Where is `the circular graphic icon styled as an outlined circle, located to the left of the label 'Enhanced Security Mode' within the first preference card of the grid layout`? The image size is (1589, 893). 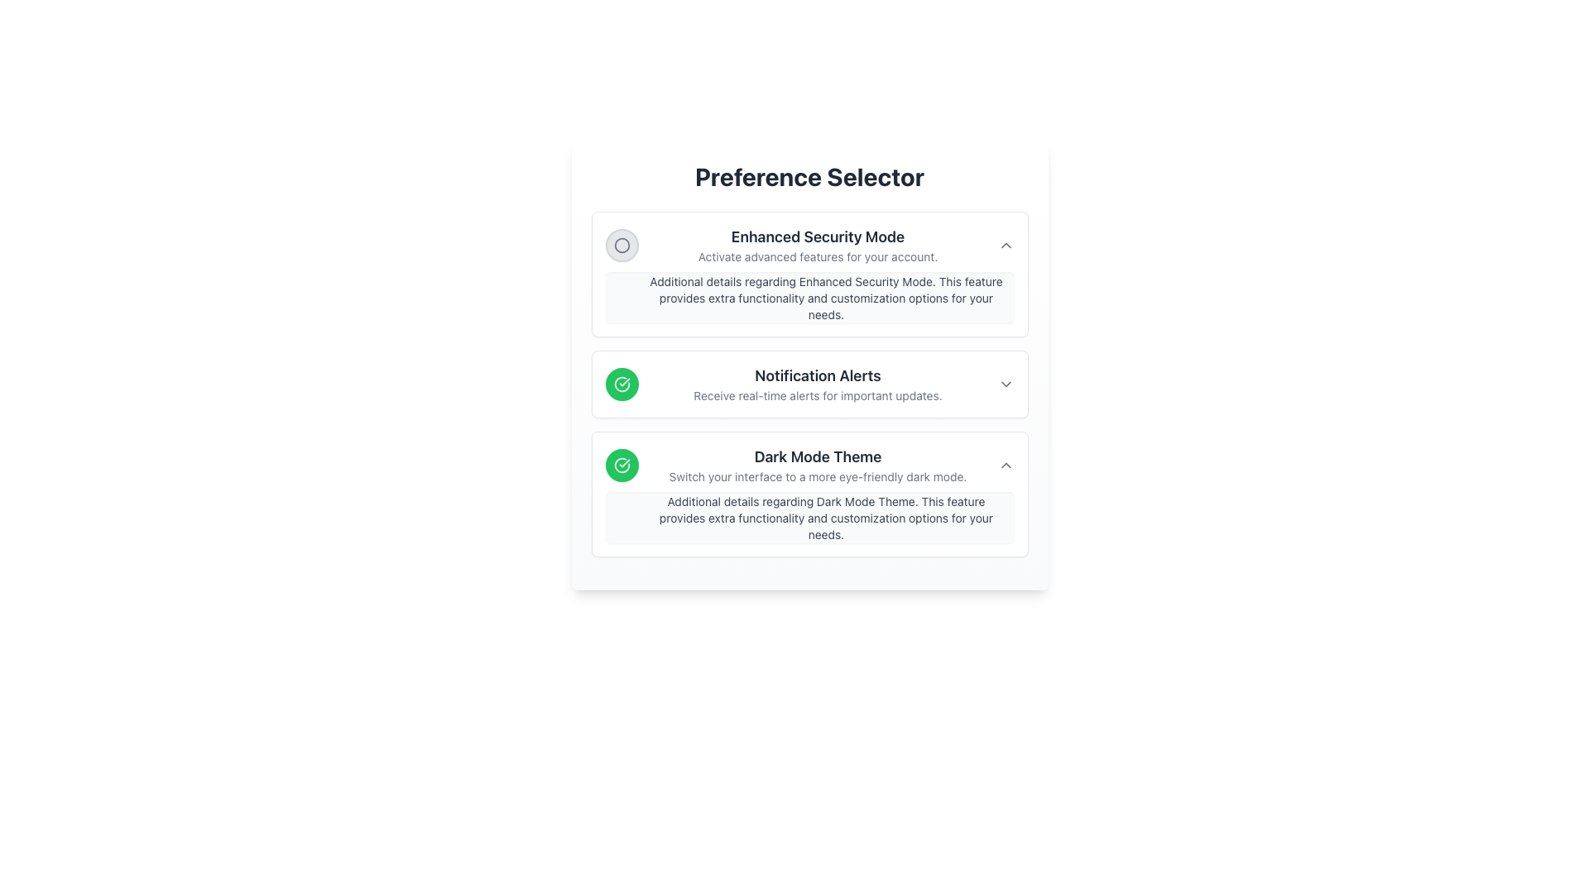
the circular graphic icon styled as an outlined circle, located to the left of the label 'Enhanced Security Mode' within the first preference card of the grid layout is located at coordinates (621, 246).